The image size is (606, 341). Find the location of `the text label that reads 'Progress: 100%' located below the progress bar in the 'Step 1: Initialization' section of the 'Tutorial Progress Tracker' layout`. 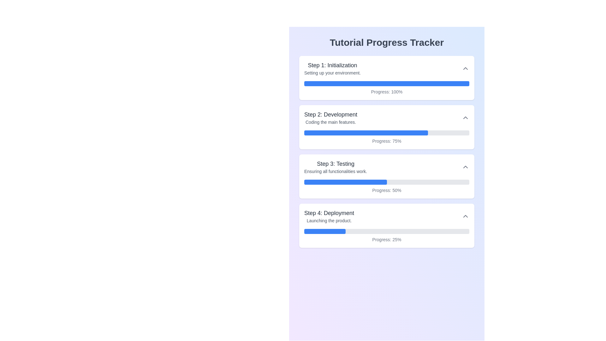

the text label that reads 'Progress: 100%' located below the progress bar in the 'Step 1: Initialization' section of the 'Tutorial Progress Tracker' layout is located at coordinates (386, 92).